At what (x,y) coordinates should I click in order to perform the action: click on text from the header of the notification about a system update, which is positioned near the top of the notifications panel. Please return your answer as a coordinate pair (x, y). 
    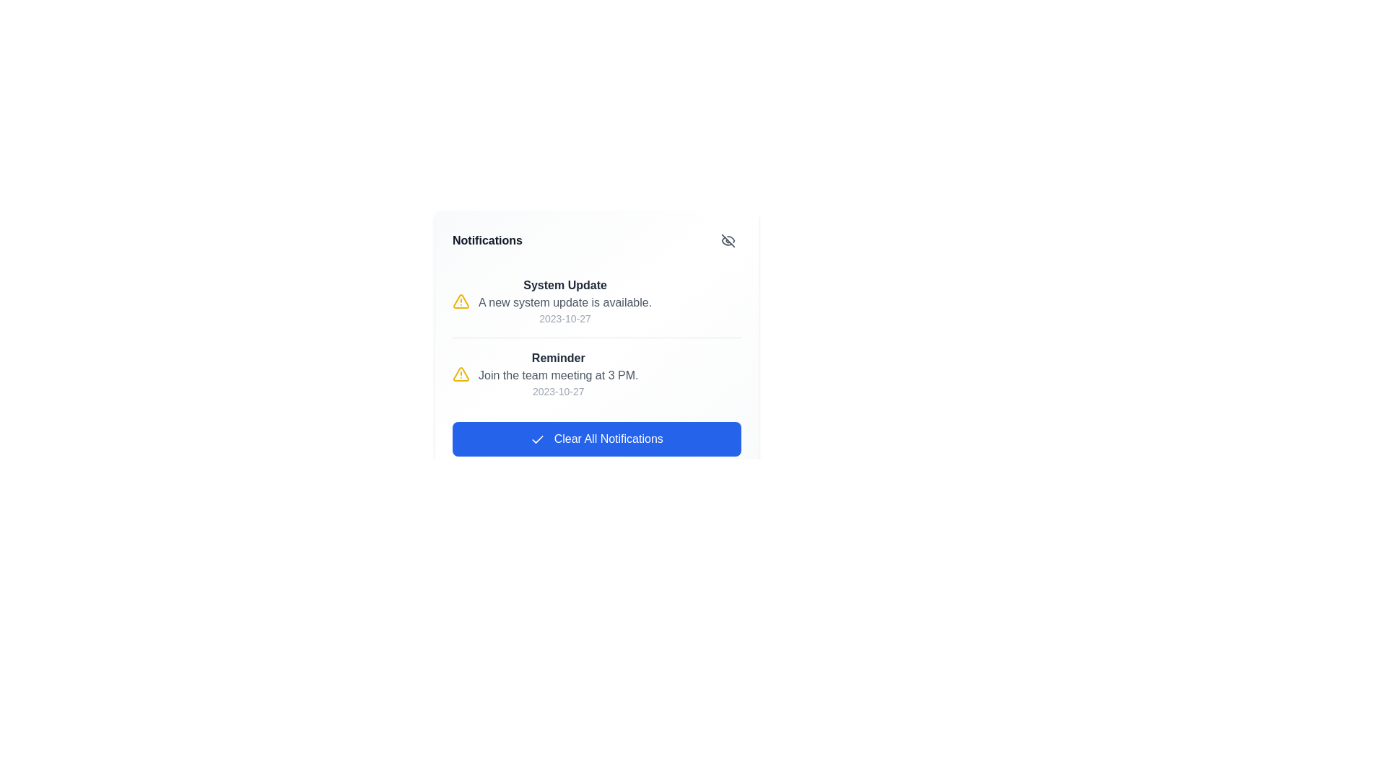
    Looking at the image, I should click on (564, 286).